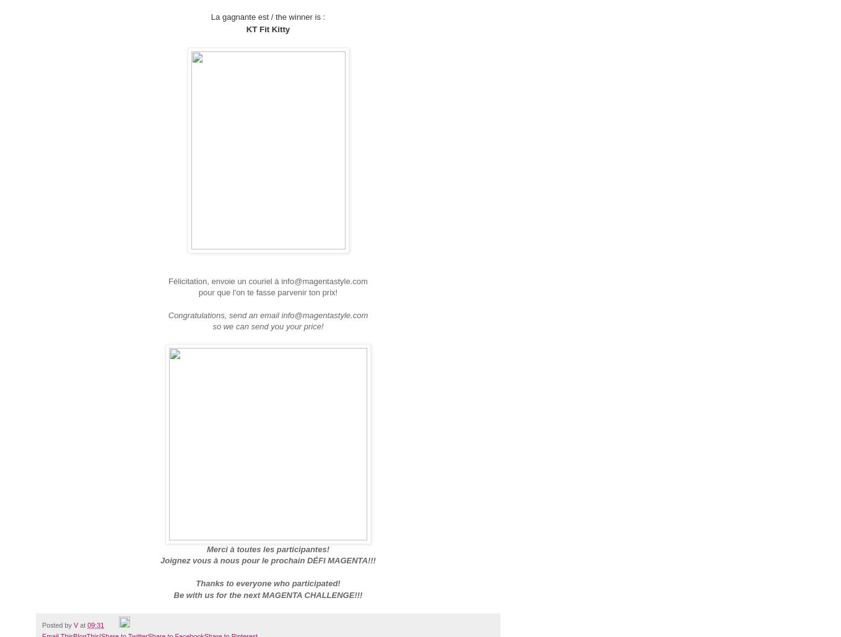 The height and width of the screenshot is (637, 841). Describe the element at coordinates (267, 548) in the screenshot. I see `'Merci à toutes les participantes!'` at that location.